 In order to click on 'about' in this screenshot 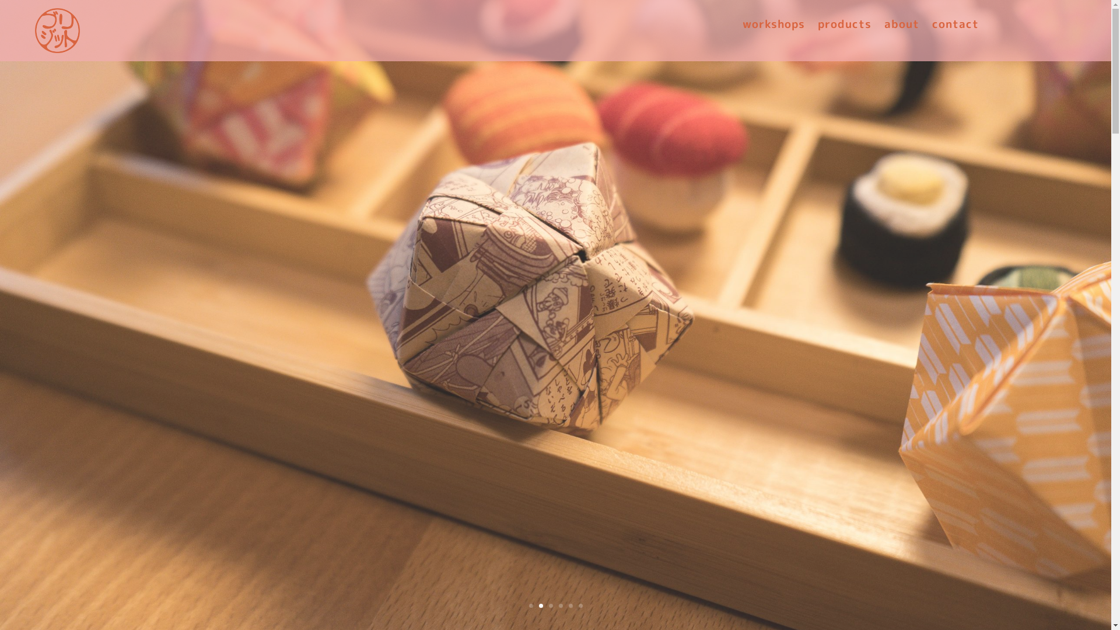, I will do `click(901, 26)`.